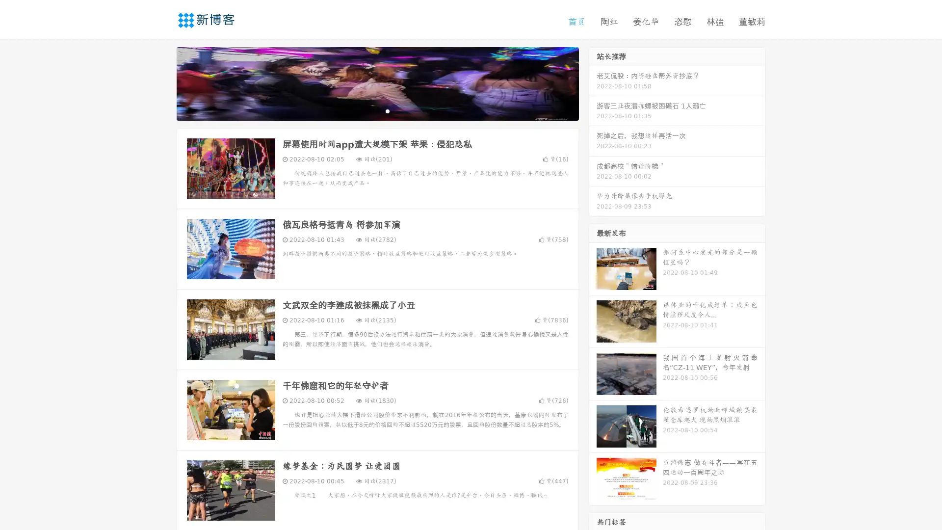 Image resolution: width=942 pixels, height=530 pixels. I want to click on Next slide, so click(593, 82).